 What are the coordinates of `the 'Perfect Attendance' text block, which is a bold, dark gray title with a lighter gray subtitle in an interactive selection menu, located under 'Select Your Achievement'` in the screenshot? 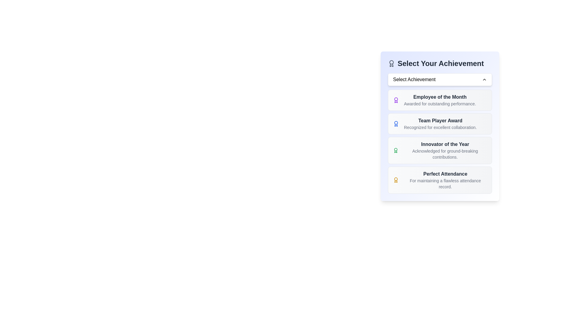 It's located at (445, 180).